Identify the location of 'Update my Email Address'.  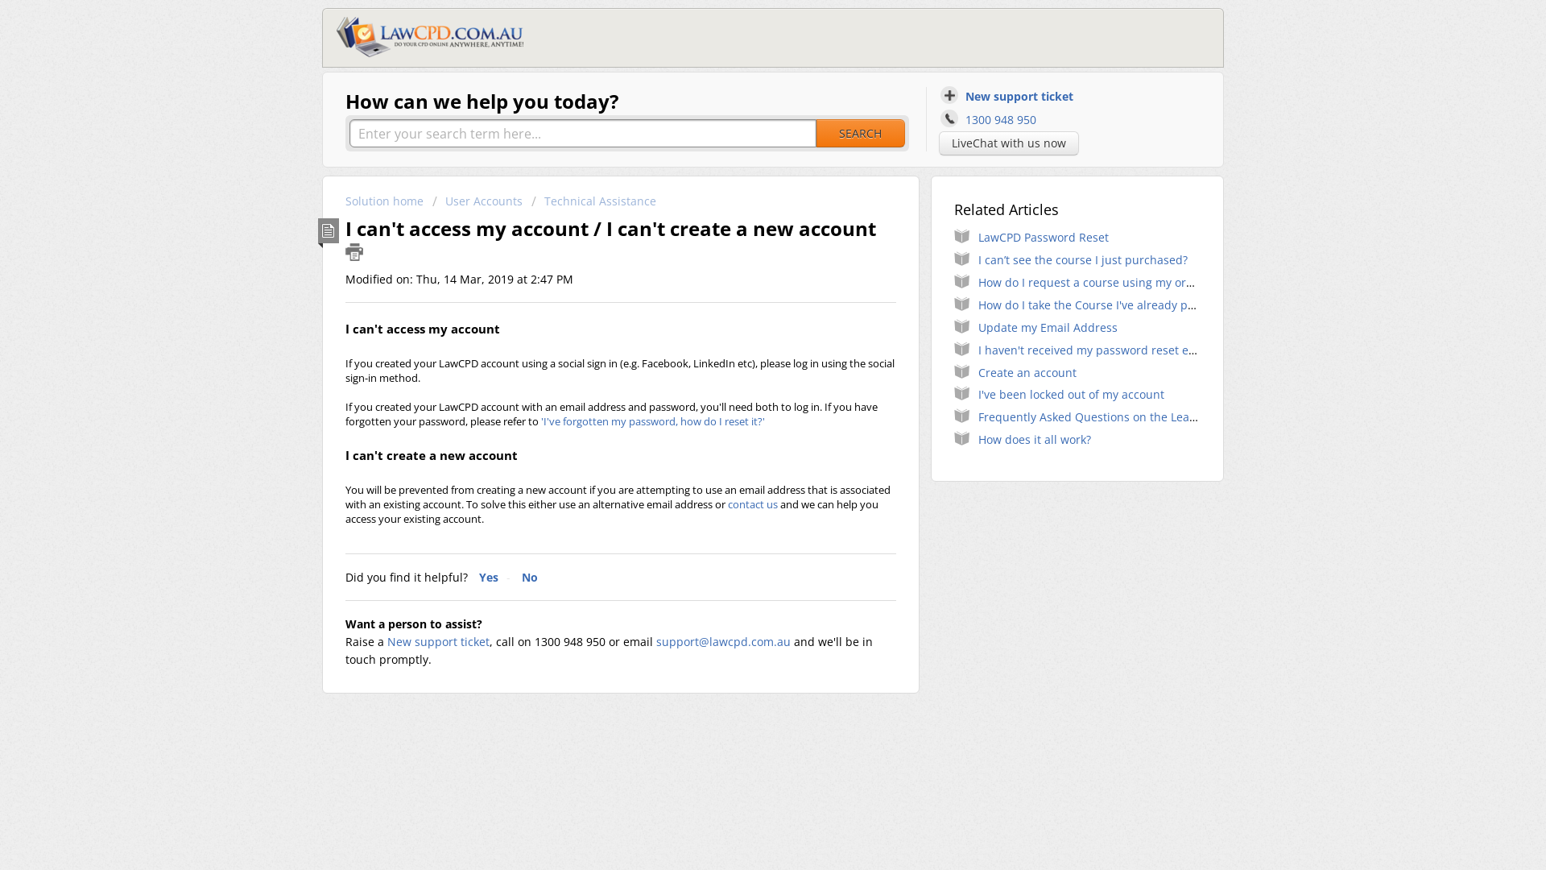
(1048, 326).